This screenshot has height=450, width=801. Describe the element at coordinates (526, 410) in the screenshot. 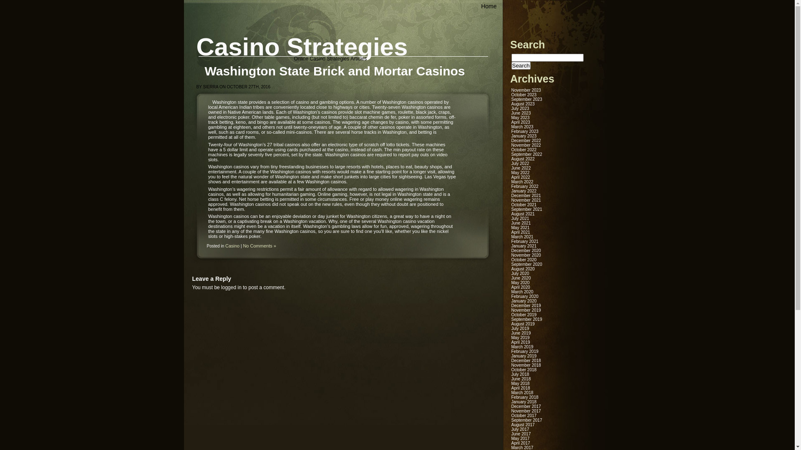

I see `'November 2017'` at that location.